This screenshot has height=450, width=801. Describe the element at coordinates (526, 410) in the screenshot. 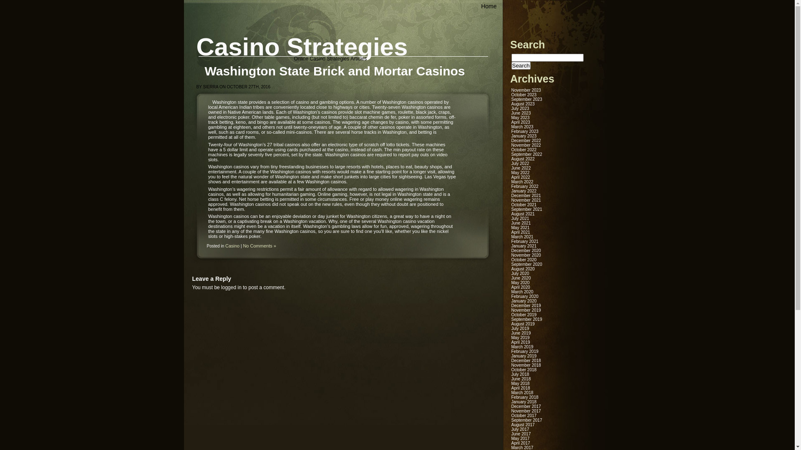

I see `'November 2017'` at that location.